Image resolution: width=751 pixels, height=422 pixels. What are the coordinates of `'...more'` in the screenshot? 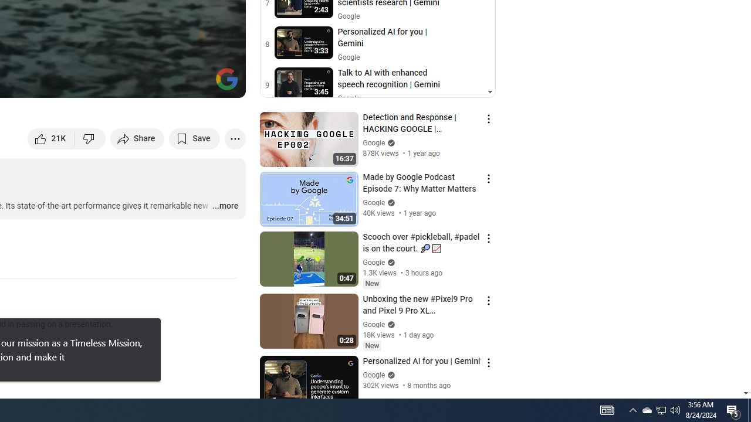 It's located at (225, 206).